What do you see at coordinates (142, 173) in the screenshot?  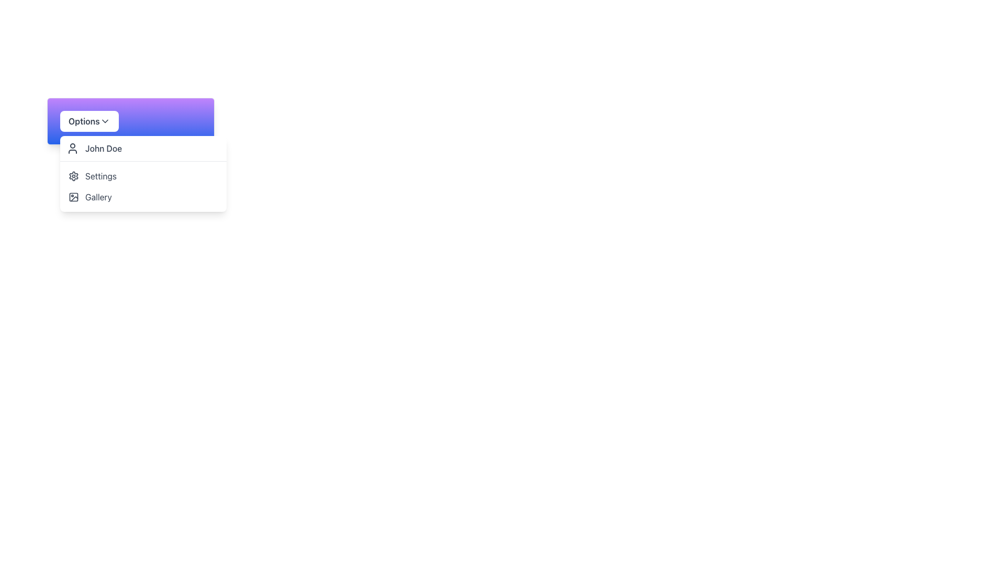 I see `the second item in the dropdown menu under the 'Options' button` at bounding box center [142, 173].